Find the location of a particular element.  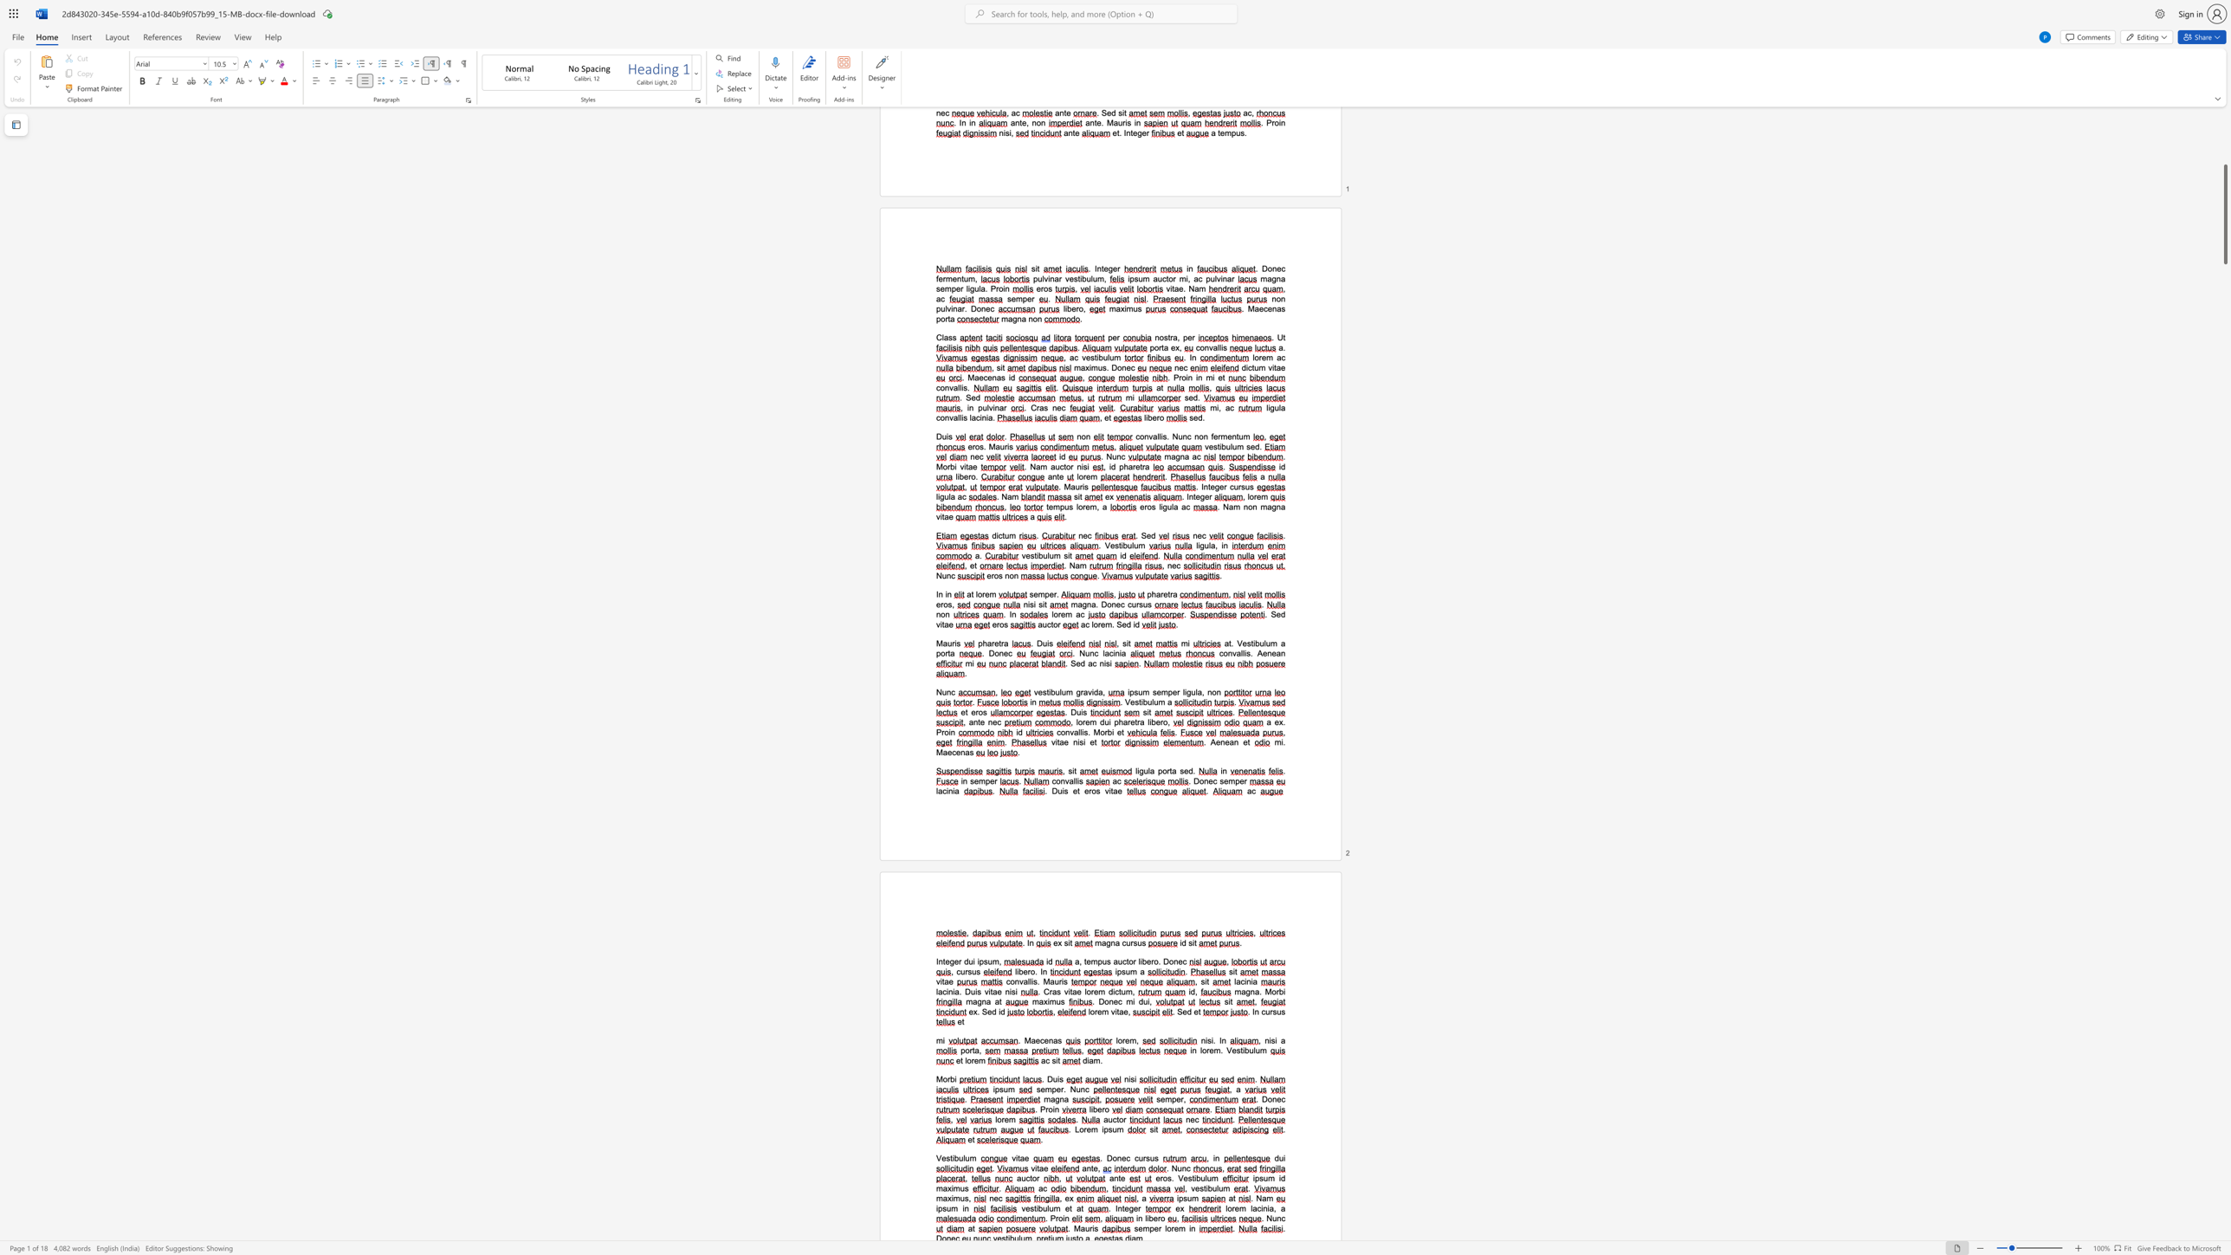

the space between the continuous character "n" and "a" in the text is located at coordinates (1052, 1040).